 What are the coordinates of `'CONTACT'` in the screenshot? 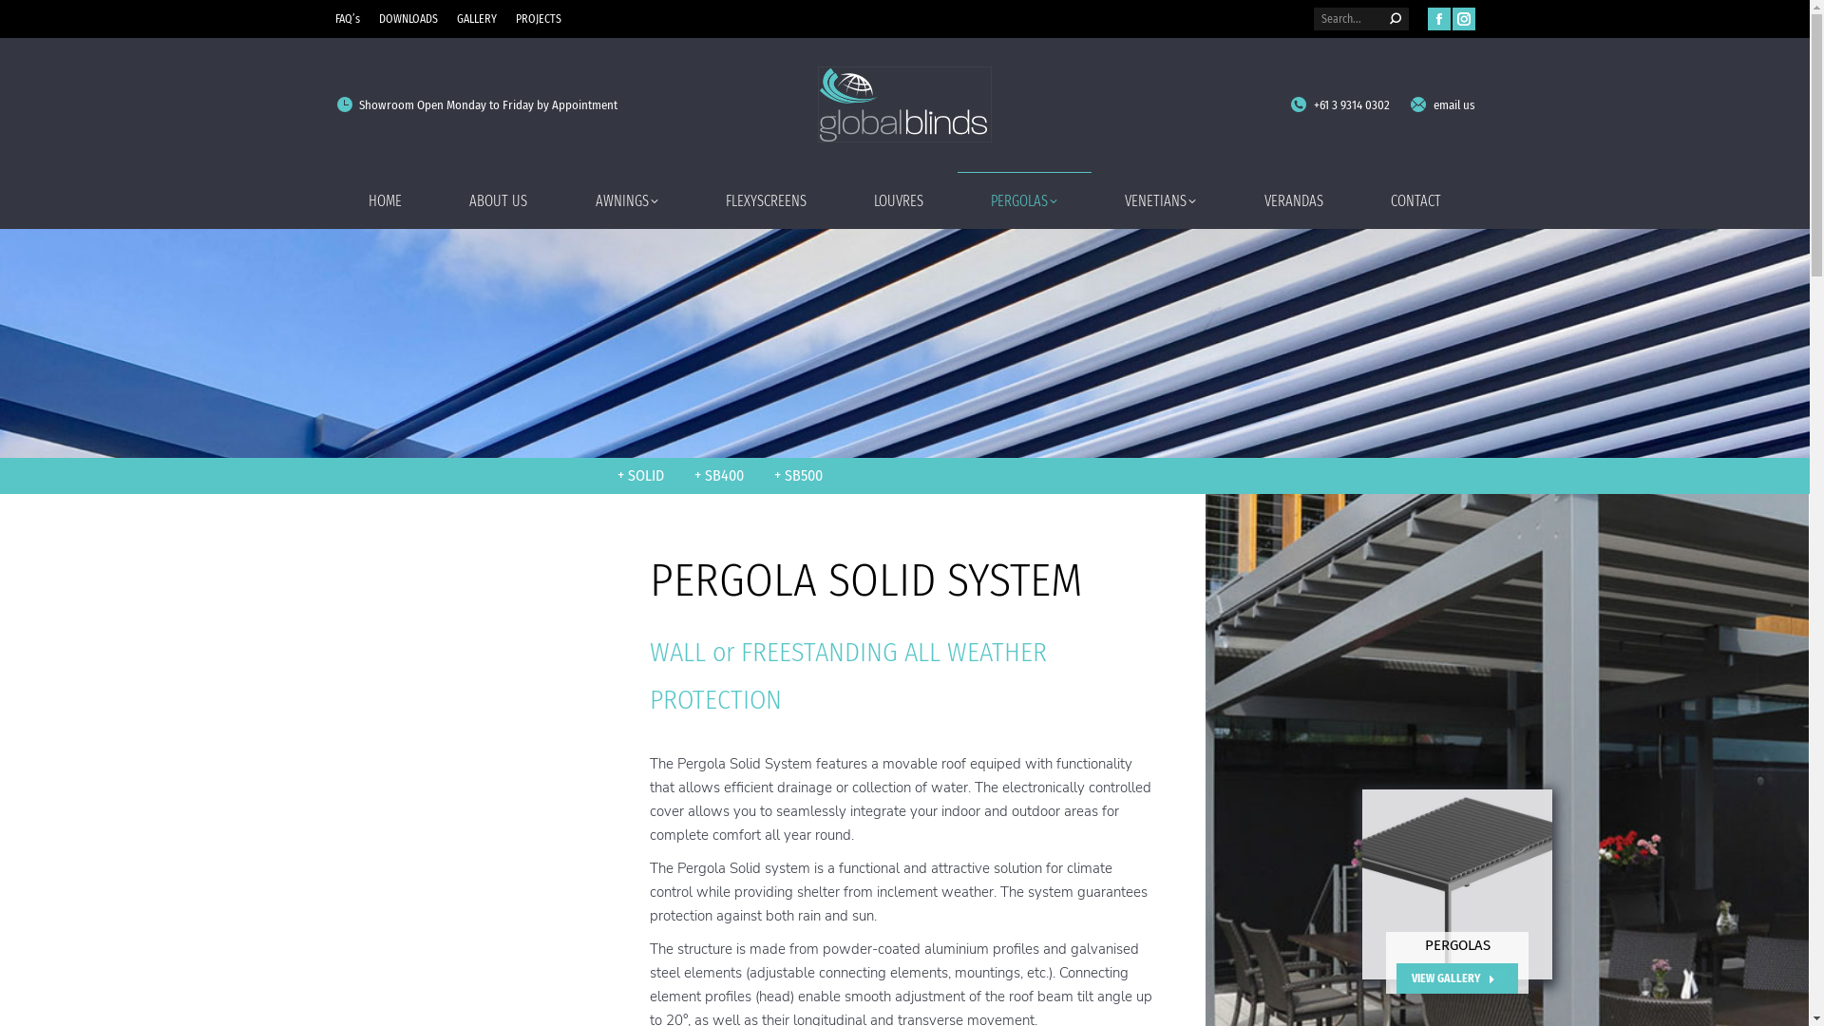 It's located at (1415, 199).